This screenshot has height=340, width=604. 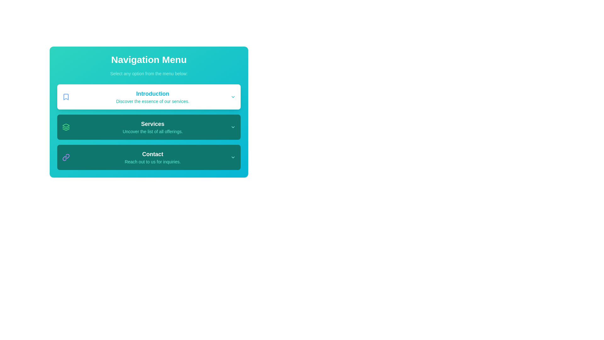 What do you see at coordinates (153, 101) in the screenshot?
I see `the descriptive subtitle text element located below the 'Introduction' heading, which provides additional details or context` at bounding box center [153, 101].